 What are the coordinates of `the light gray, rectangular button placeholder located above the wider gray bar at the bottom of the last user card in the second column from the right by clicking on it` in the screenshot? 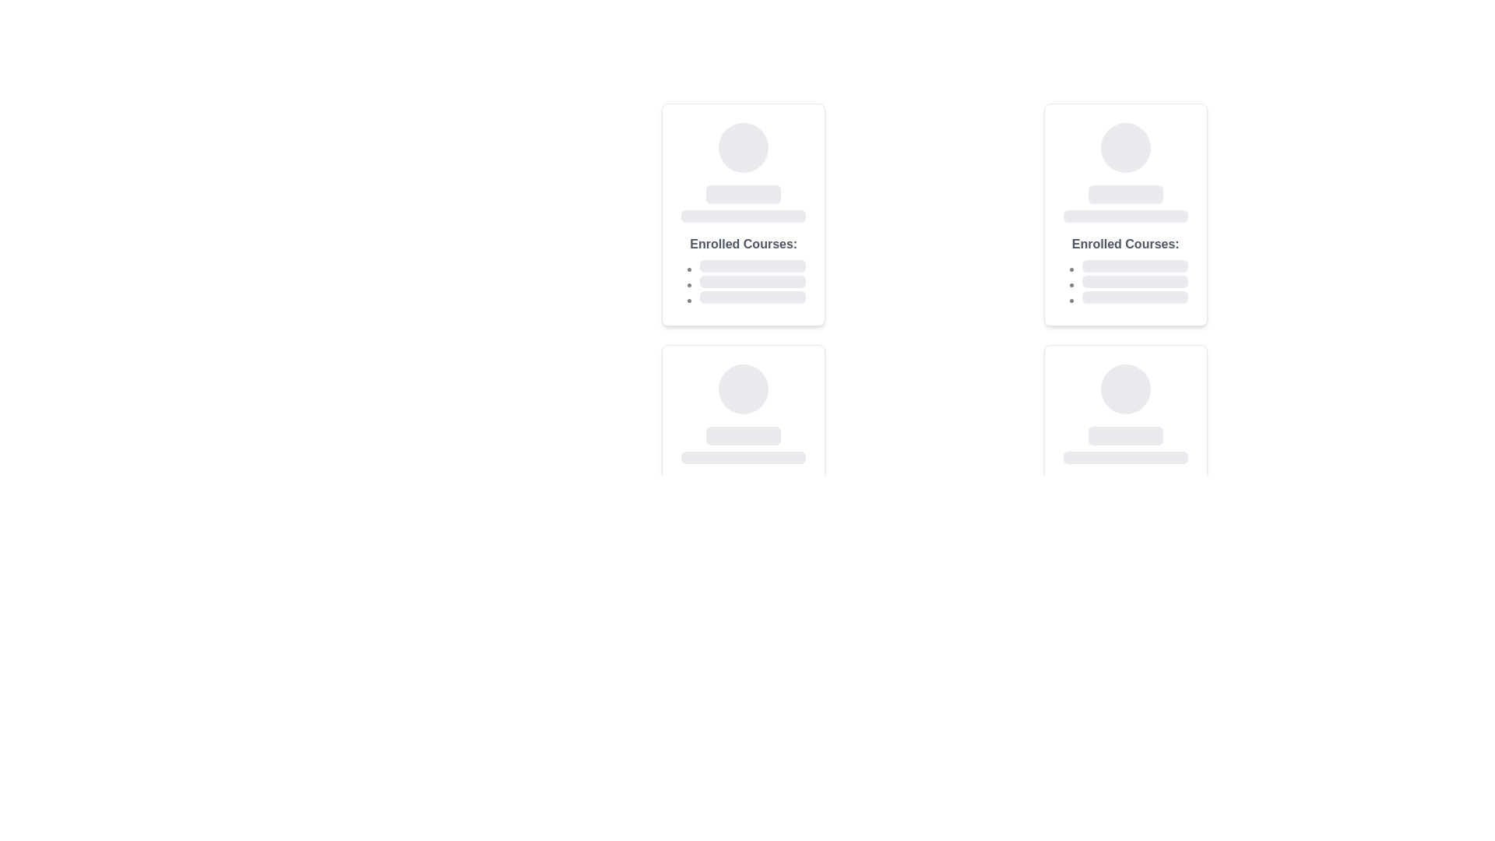 It's located at (1125, 435).